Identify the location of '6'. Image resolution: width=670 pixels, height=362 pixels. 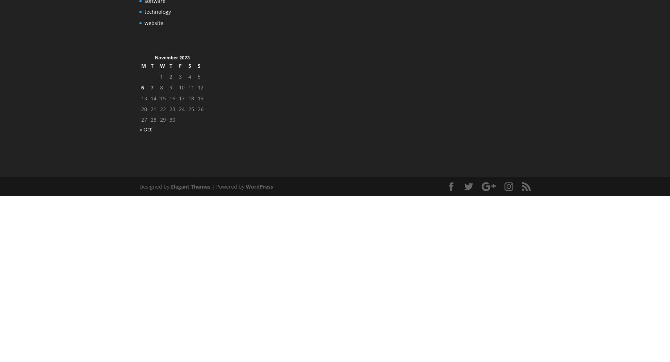
(142, 87).